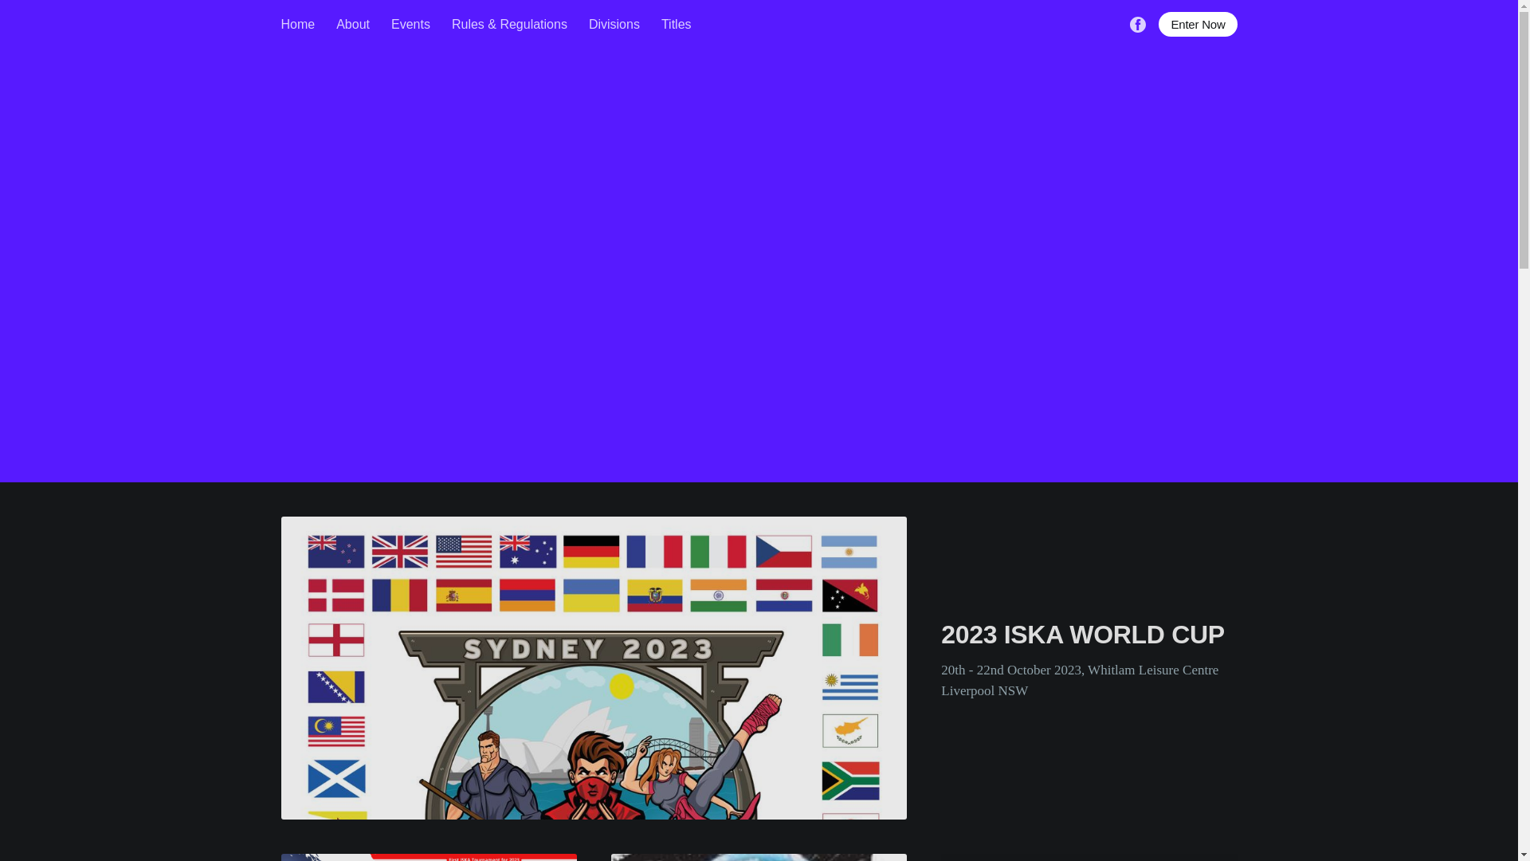  What do you see at coordinates (614, 24) in the screenshot?
I see `'Divisions'` at bounding box center [614, 24].